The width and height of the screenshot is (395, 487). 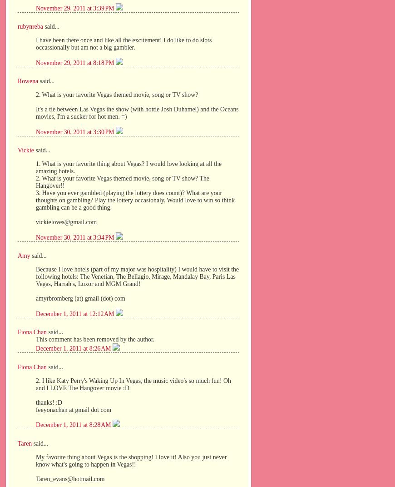 I want to click on '3. Have you ever gambled (playing the lottery does count)? What are your thoughts on gambling? Play the lottery occasionaly. Would love to win so think gambling can be a good thing.', so click(x=135, y=200).